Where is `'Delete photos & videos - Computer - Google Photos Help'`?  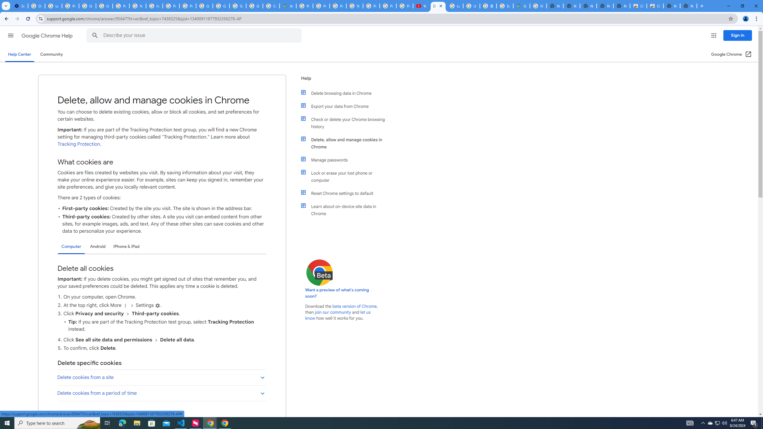 'Delete photos & videos - Computer - Google Photos Help' is located at coordinates (36, 6).